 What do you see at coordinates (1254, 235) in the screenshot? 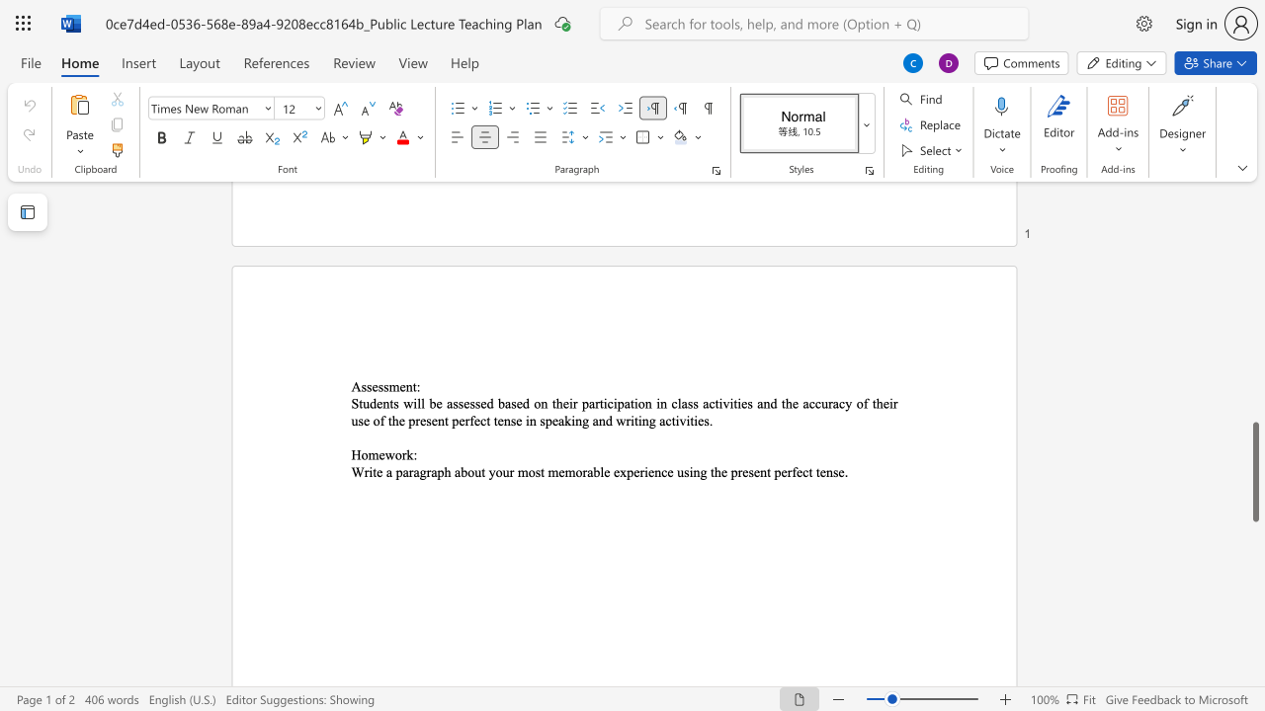
I see `the vertical scrollbar to raise the page content` at bounding box center [1254, 235].